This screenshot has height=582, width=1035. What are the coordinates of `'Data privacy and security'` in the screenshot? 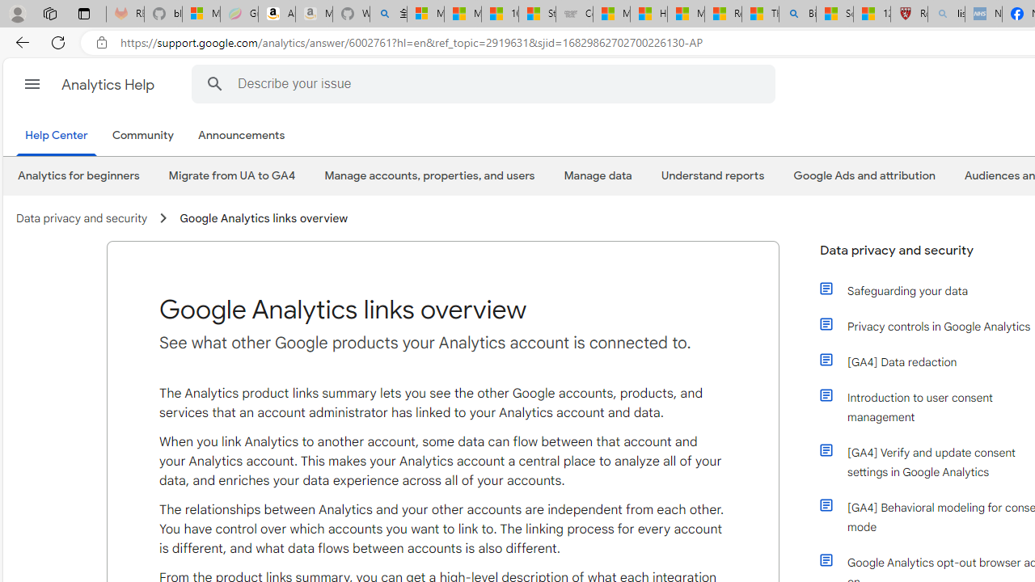 It's located at (81, 218).